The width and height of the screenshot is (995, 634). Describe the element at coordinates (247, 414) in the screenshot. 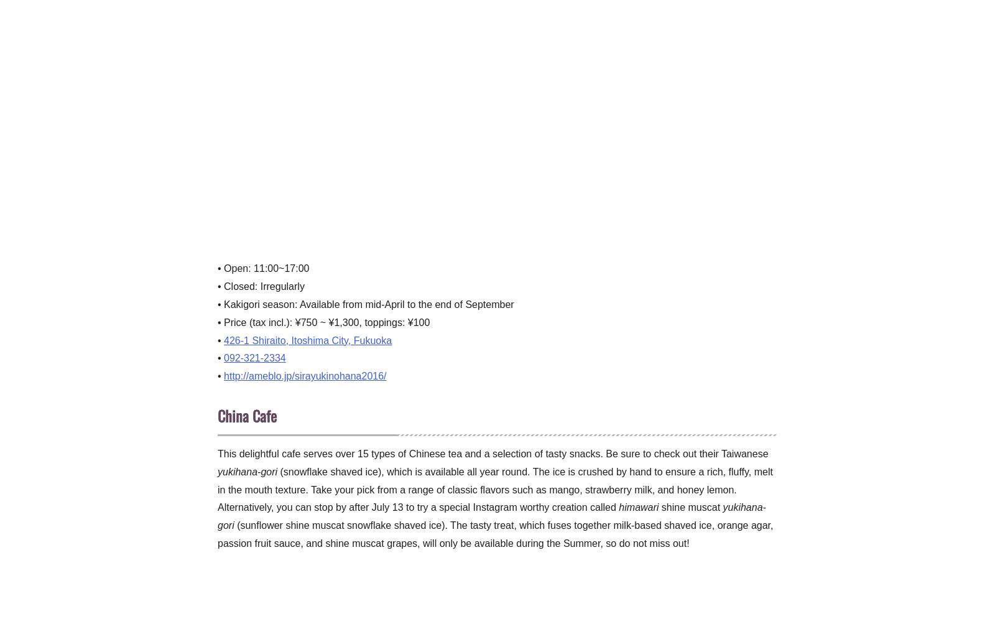

I see `'China Cafe'` at that location.